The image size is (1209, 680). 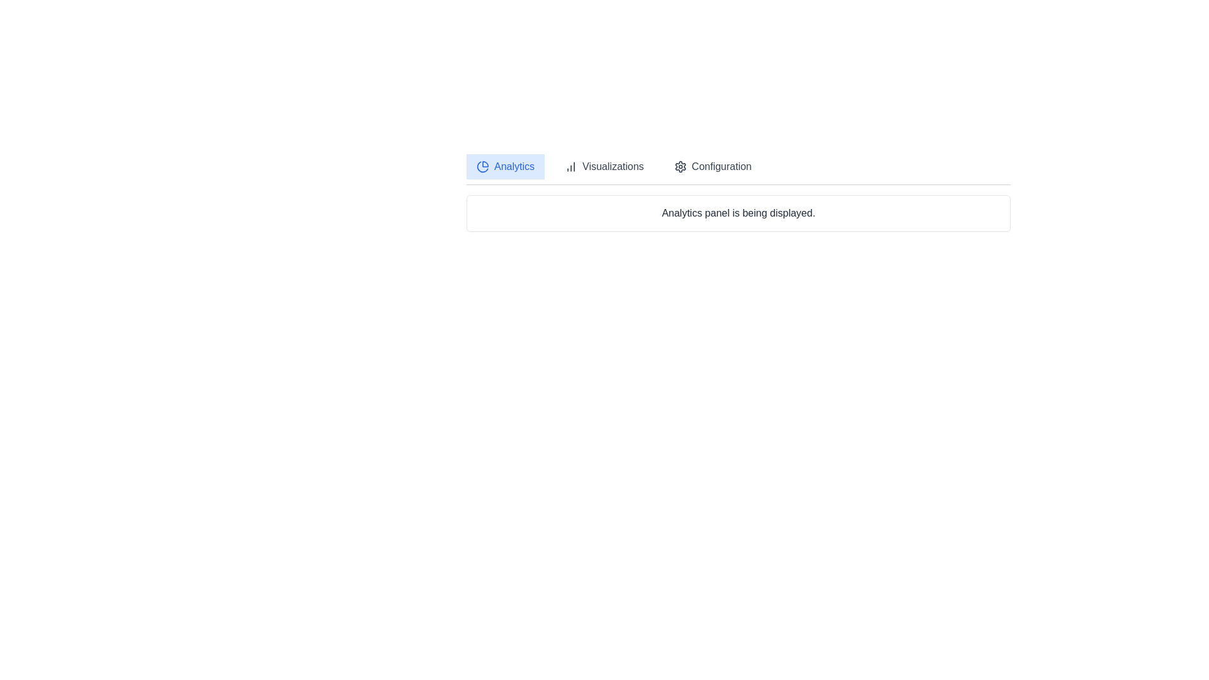 I want to click on the Analytics tab by clicking on its corresponding button, so click(x=505, y=166).